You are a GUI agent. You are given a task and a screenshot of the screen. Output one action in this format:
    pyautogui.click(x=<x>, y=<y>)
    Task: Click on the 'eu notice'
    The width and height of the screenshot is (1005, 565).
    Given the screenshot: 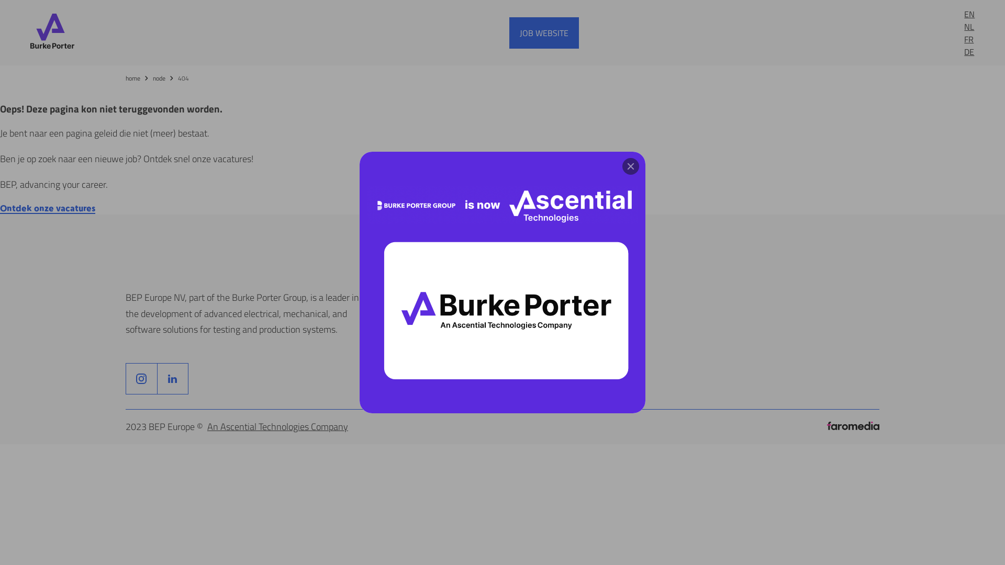 What is the action you would take?
    pyautogui.click(x=564, y=329)
    